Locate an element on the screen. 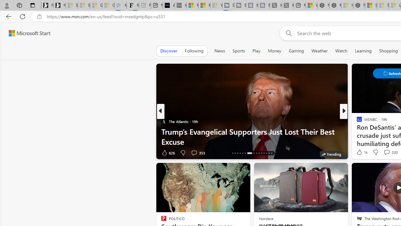  'Microsoft Start' is located at coordinates (29, 33).